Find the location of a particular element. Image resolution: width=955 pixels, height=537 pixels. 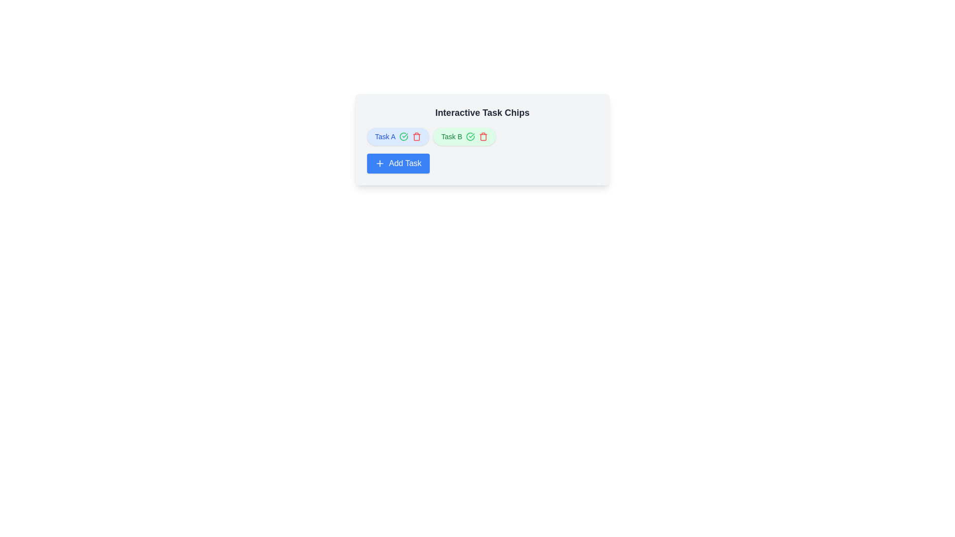

the confirmation button located to the right of the 'Task B' label to confirm the task is located at coordinates (470, 136).